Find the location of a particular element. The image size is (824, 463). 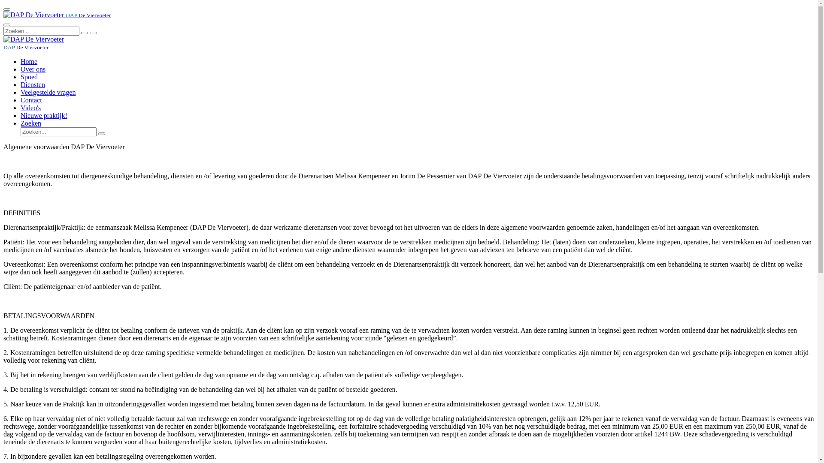

'Video's' is located at coordinates (30, 107).